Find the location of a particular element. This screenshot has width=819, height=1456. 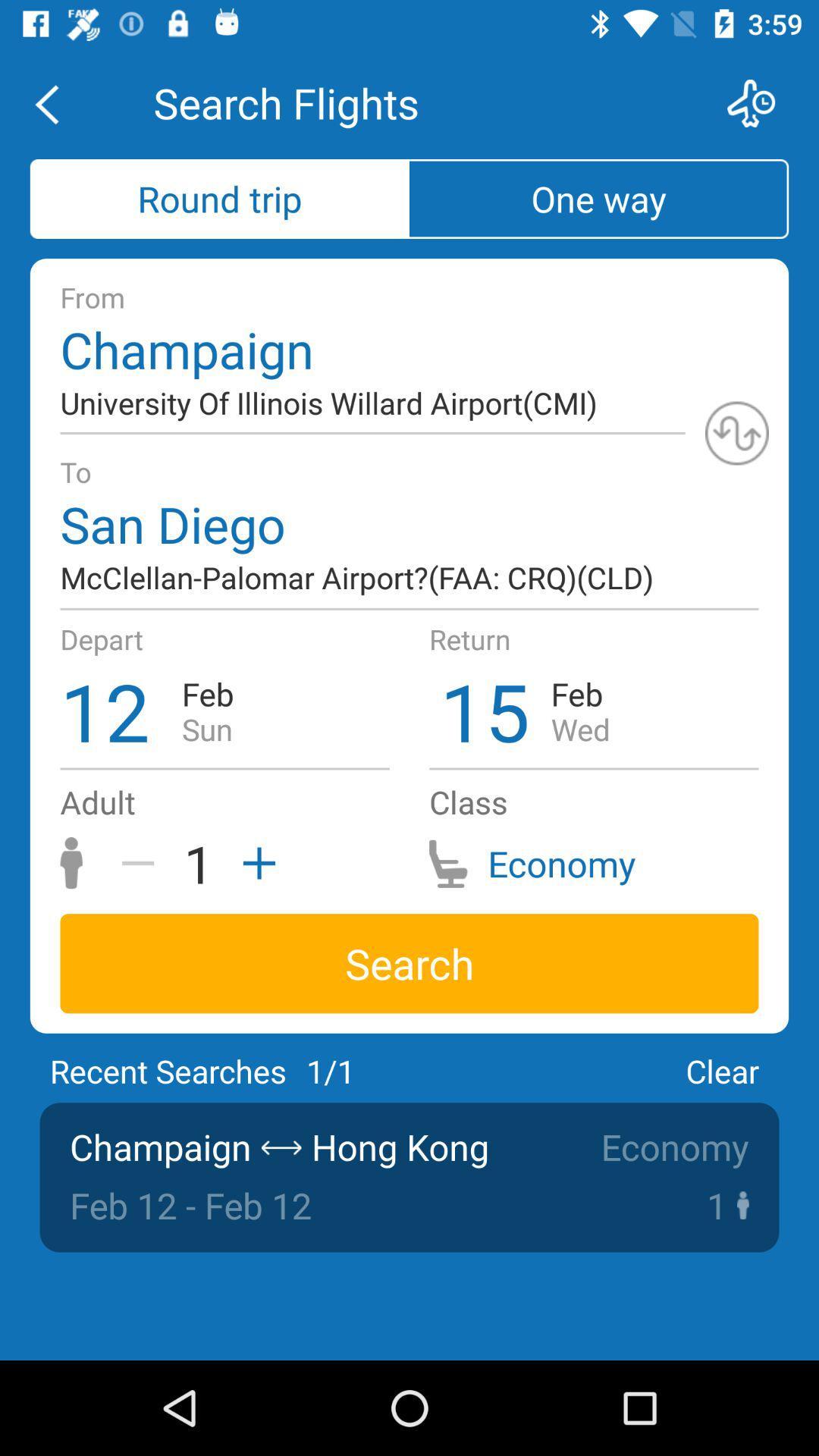

an adult is located at coordinates (253, 863).